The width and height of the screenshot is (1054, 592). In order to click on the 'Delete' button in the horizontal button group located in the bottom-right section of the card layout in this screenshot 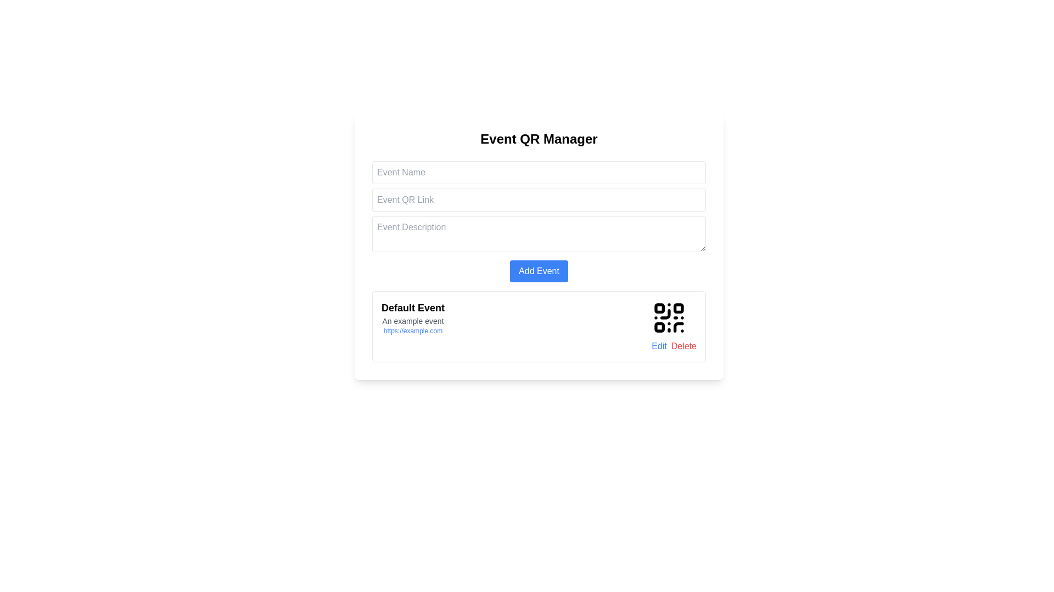, I will do `click(674, 346)`.